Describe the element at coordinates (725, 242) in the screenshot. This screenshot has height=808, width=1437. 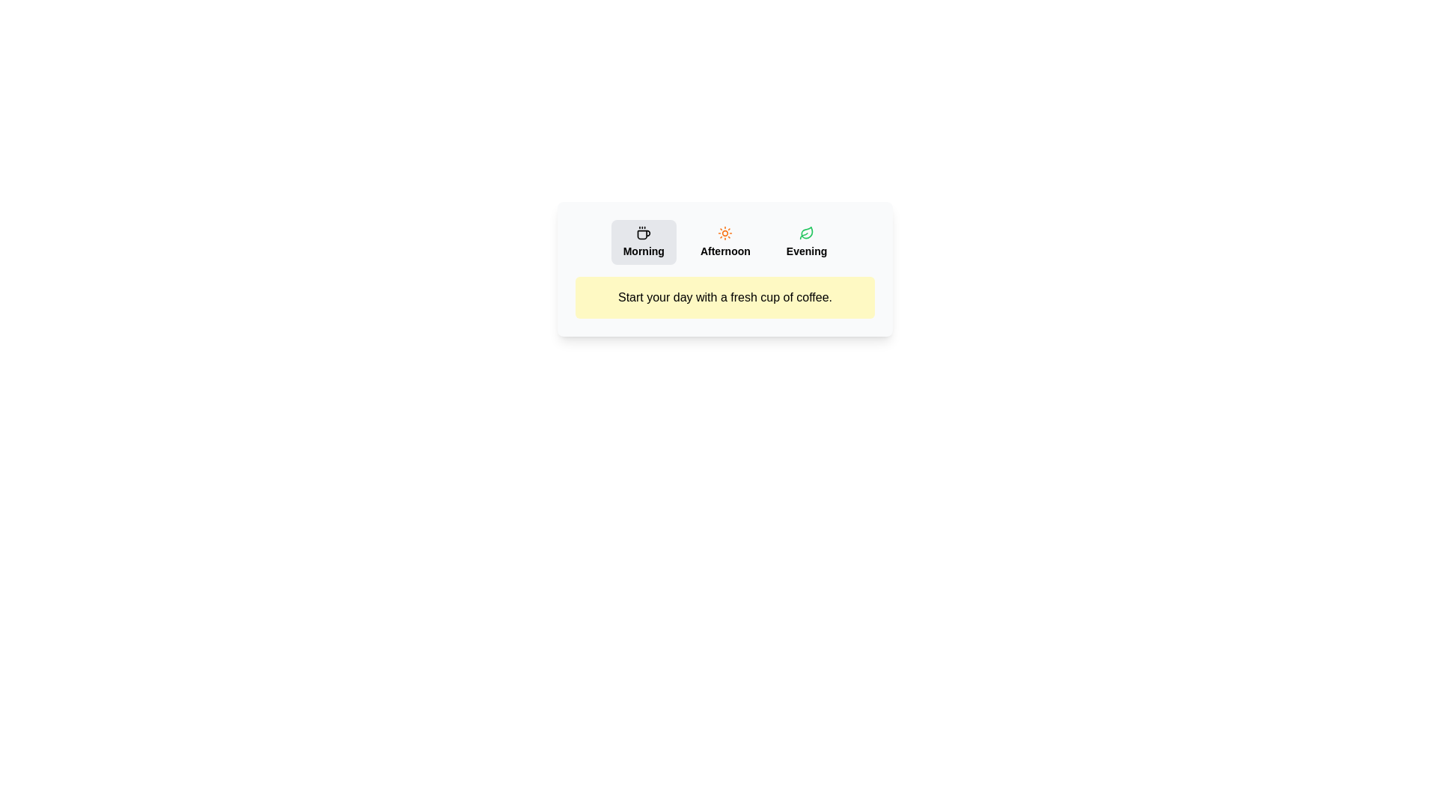
I see `the Afternoon tab` at that location.